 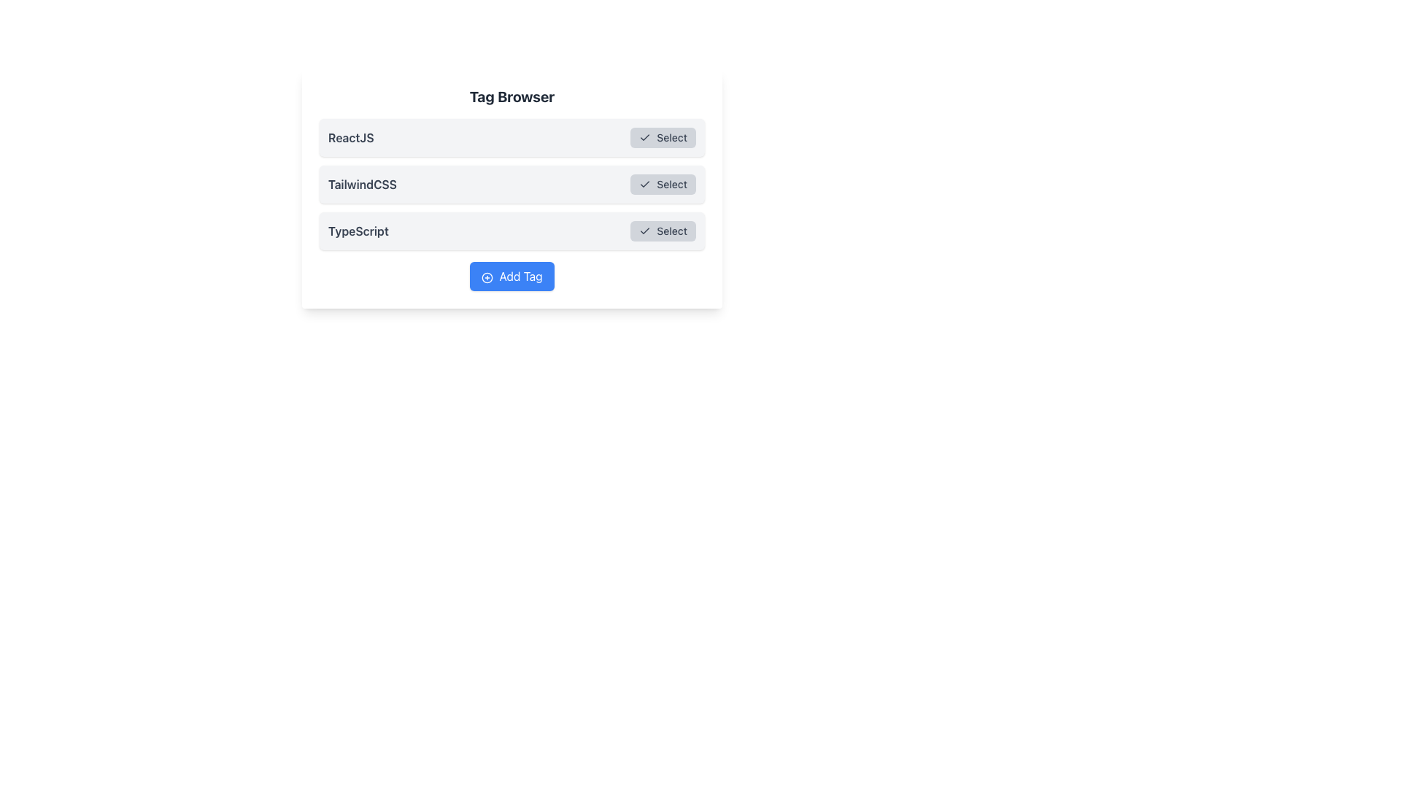 I want to click on the interactive button associated with the 'TailwindCSS' text, so click(x=663, y=184).